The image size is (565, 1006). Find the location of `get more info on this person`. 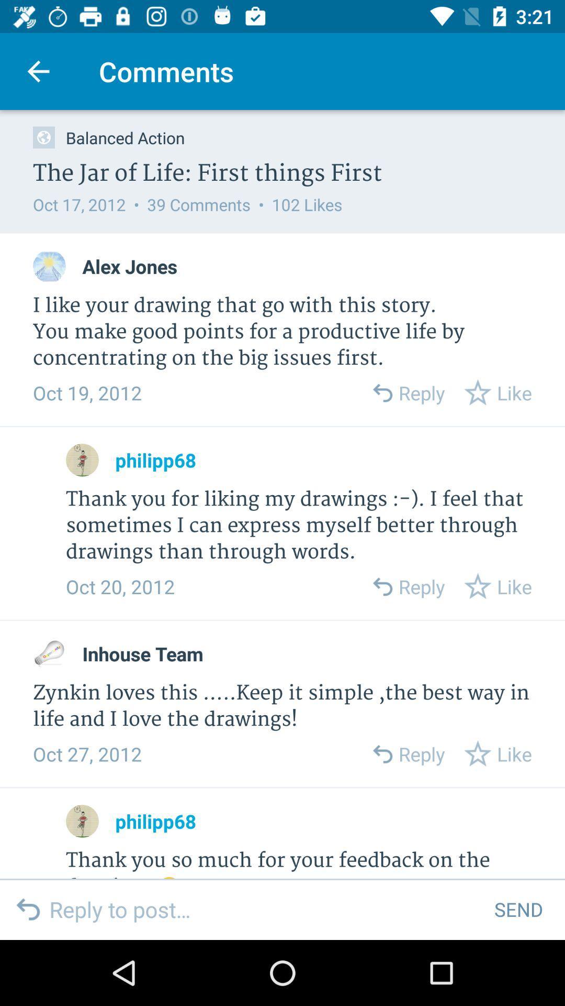

get more info on this person is located at coordinates (82, 821).